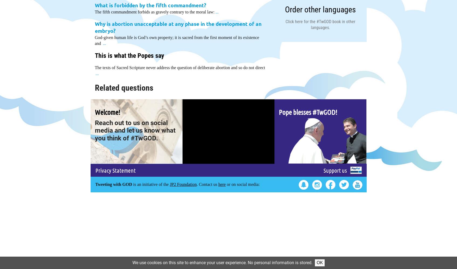 The image size is (457, 269). What do you see at coordinates (94, 12) in the screenshot?
I see `'The fifth commandment forbids as gravely contrary to the moral law:'` at bounding box center [94, 12].